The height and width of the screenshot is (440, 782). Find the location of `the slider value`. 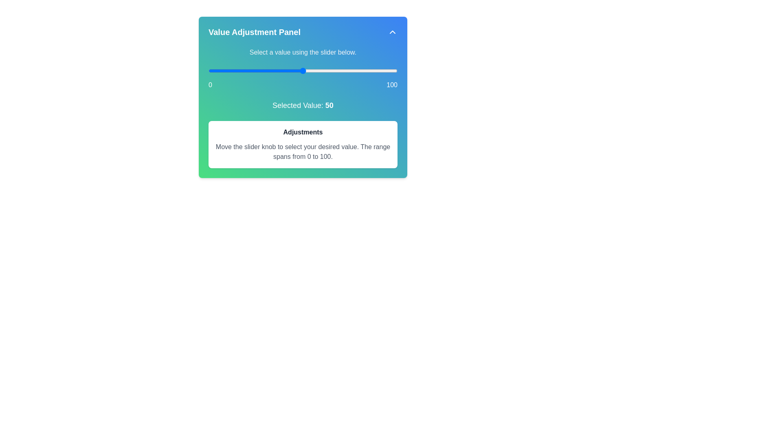

the slider value is located at coordinates (227, 70).